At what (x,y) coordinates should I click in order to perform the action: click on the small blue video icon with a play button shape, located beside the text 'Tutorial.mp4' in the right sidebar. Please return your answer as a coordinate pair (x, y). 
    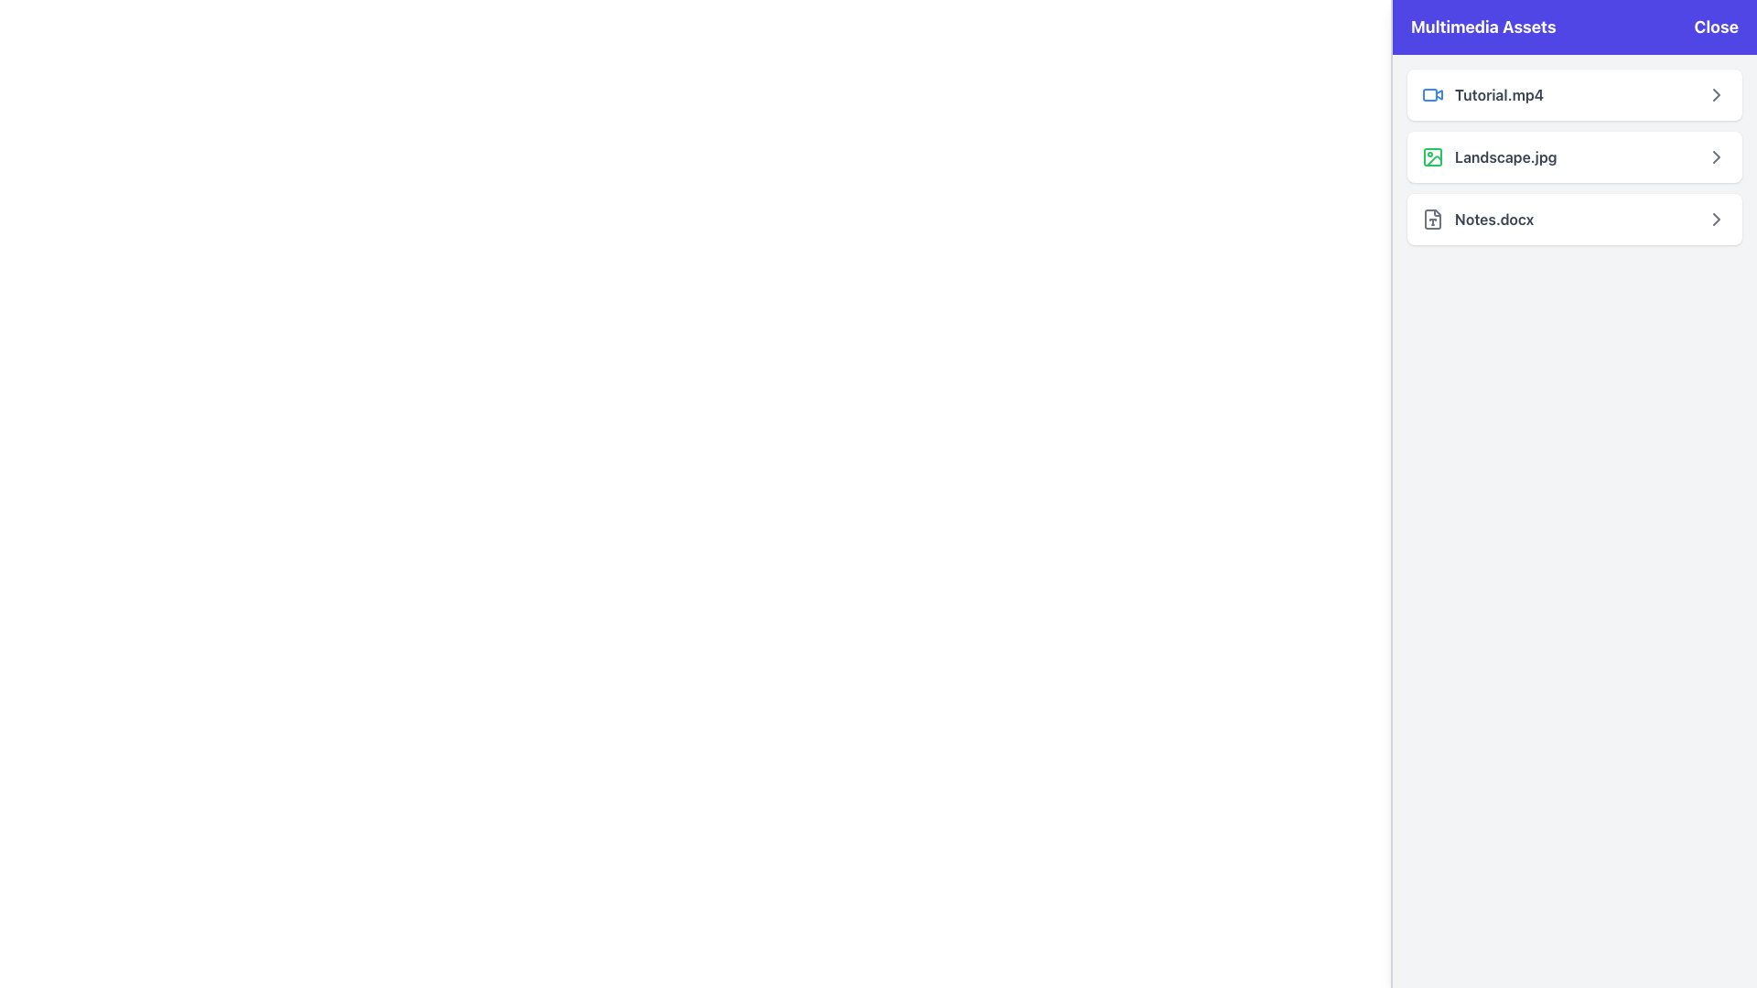
    Looking at the image, I should click on (1431, 95).